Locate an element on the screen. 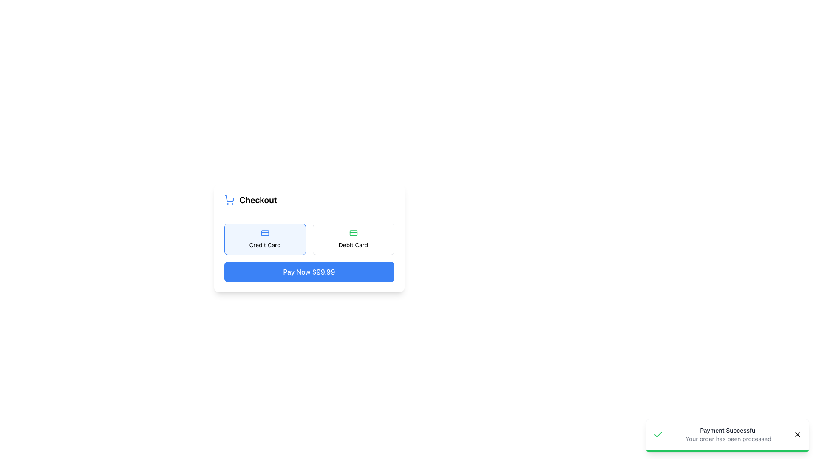  the credit card icon, which is a blue rectangular shape with a horizontal line near the top, located above the text 'Credit Card' within the payment methods button is located at coordinates (264, 233).